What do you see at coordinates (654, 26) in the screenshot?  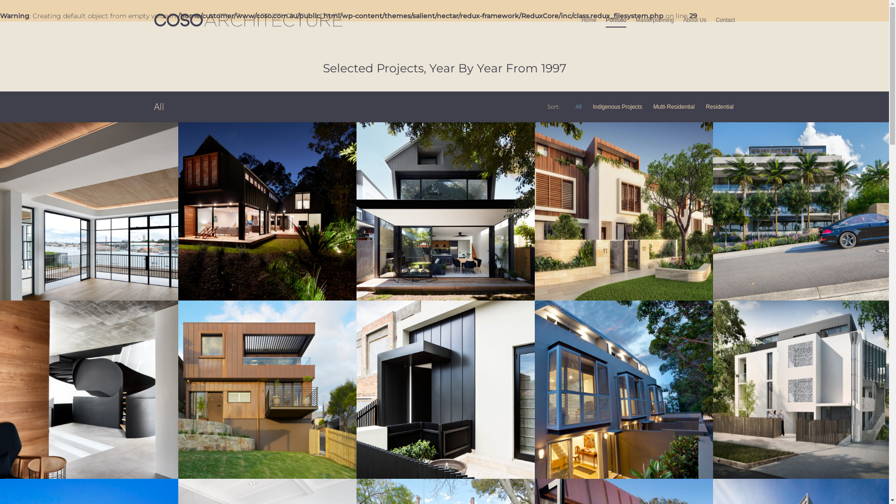 I see `'Masterplanning'` at bounding box center [654, 26].